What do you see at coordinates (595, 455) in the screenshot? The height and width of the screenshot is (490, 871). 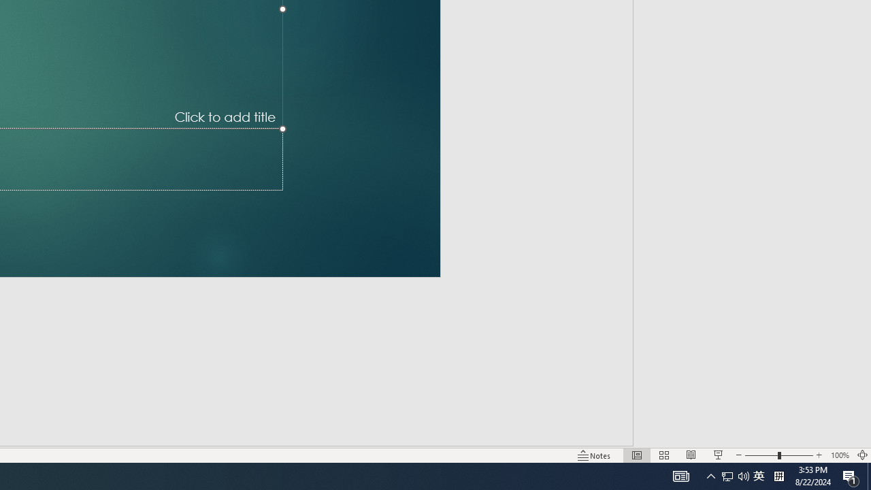 I see `'Notes '` at bounding box center [595, 455].